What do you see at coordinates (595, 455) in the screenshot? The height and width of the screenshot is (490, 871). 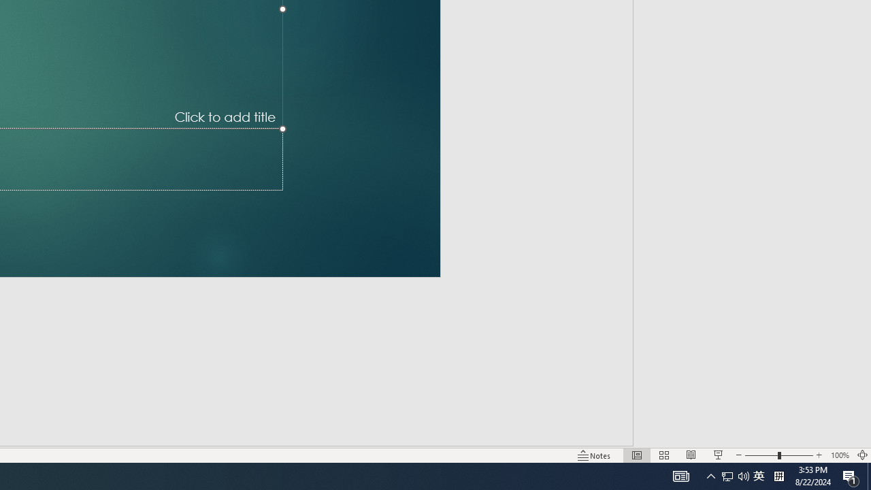 I see `'Notes '` at bounding box center [595, 455].